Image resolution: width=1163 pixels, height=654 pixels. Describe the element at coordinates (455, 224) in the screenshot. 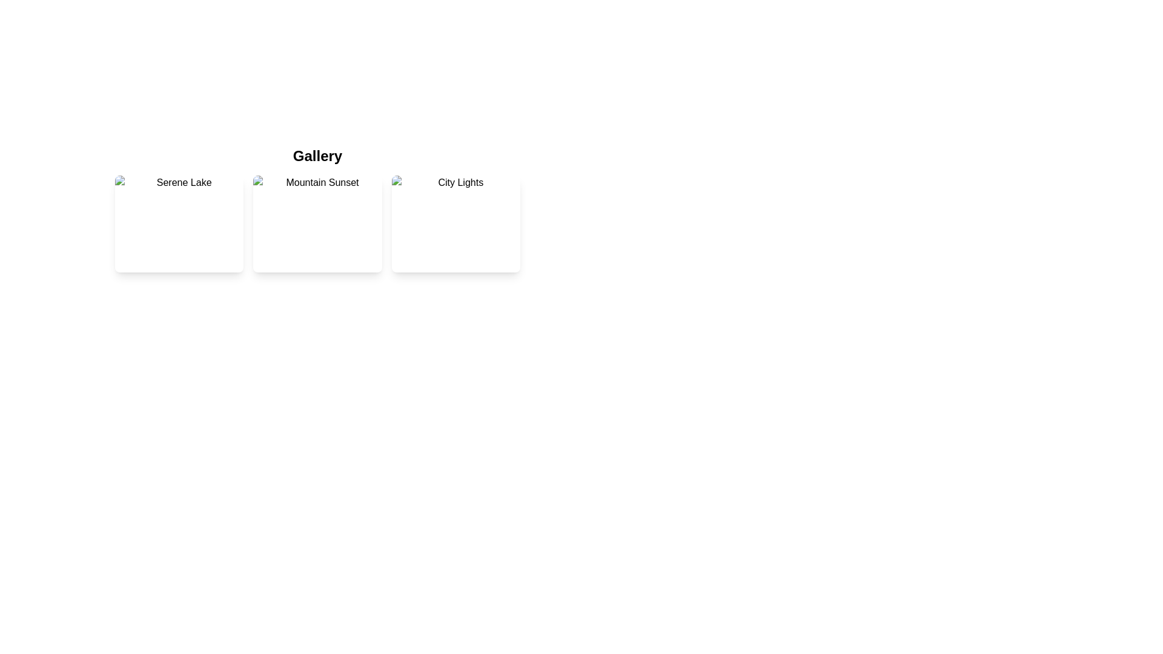

I see `the clickable card that serves as a link or button related to the 'City Lights' image, which is the third card in a horizontally aligned grid` at that location.